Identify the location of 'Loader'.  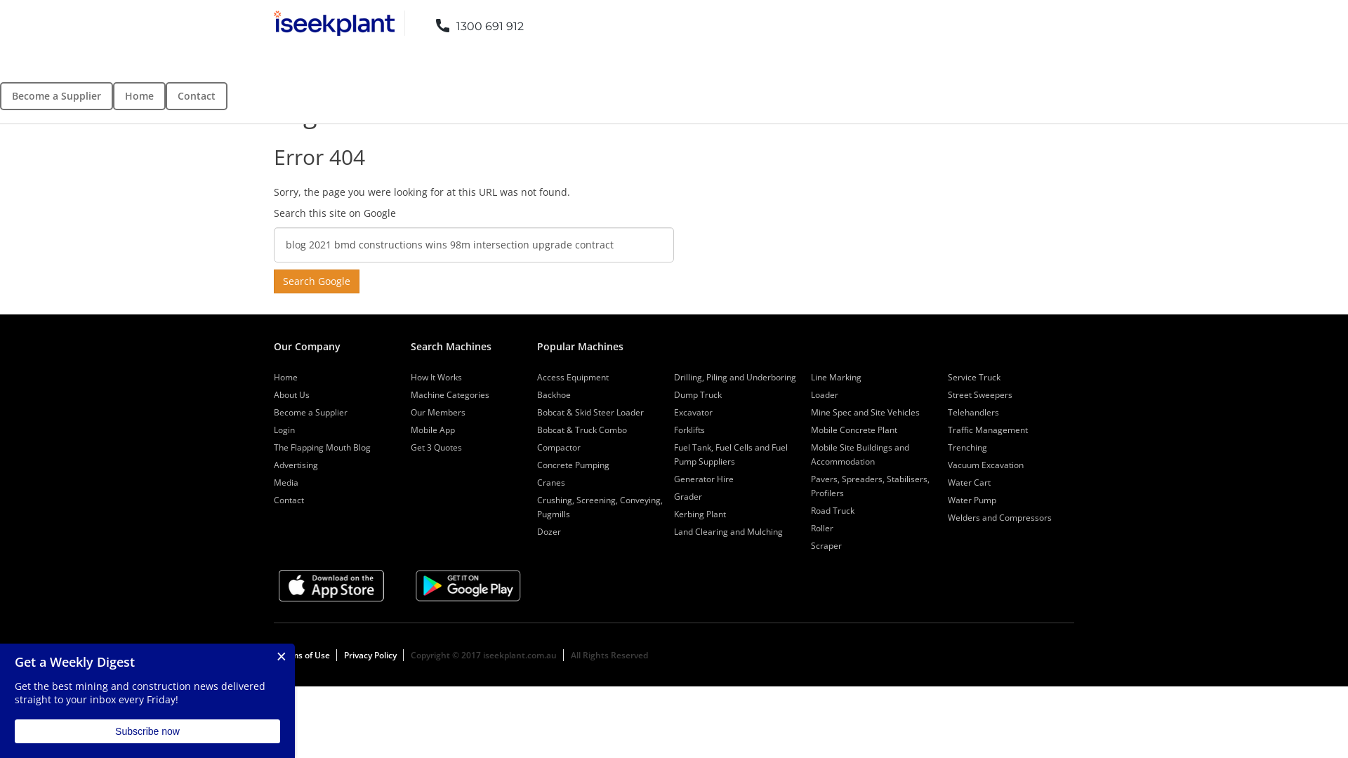
(811, 394).